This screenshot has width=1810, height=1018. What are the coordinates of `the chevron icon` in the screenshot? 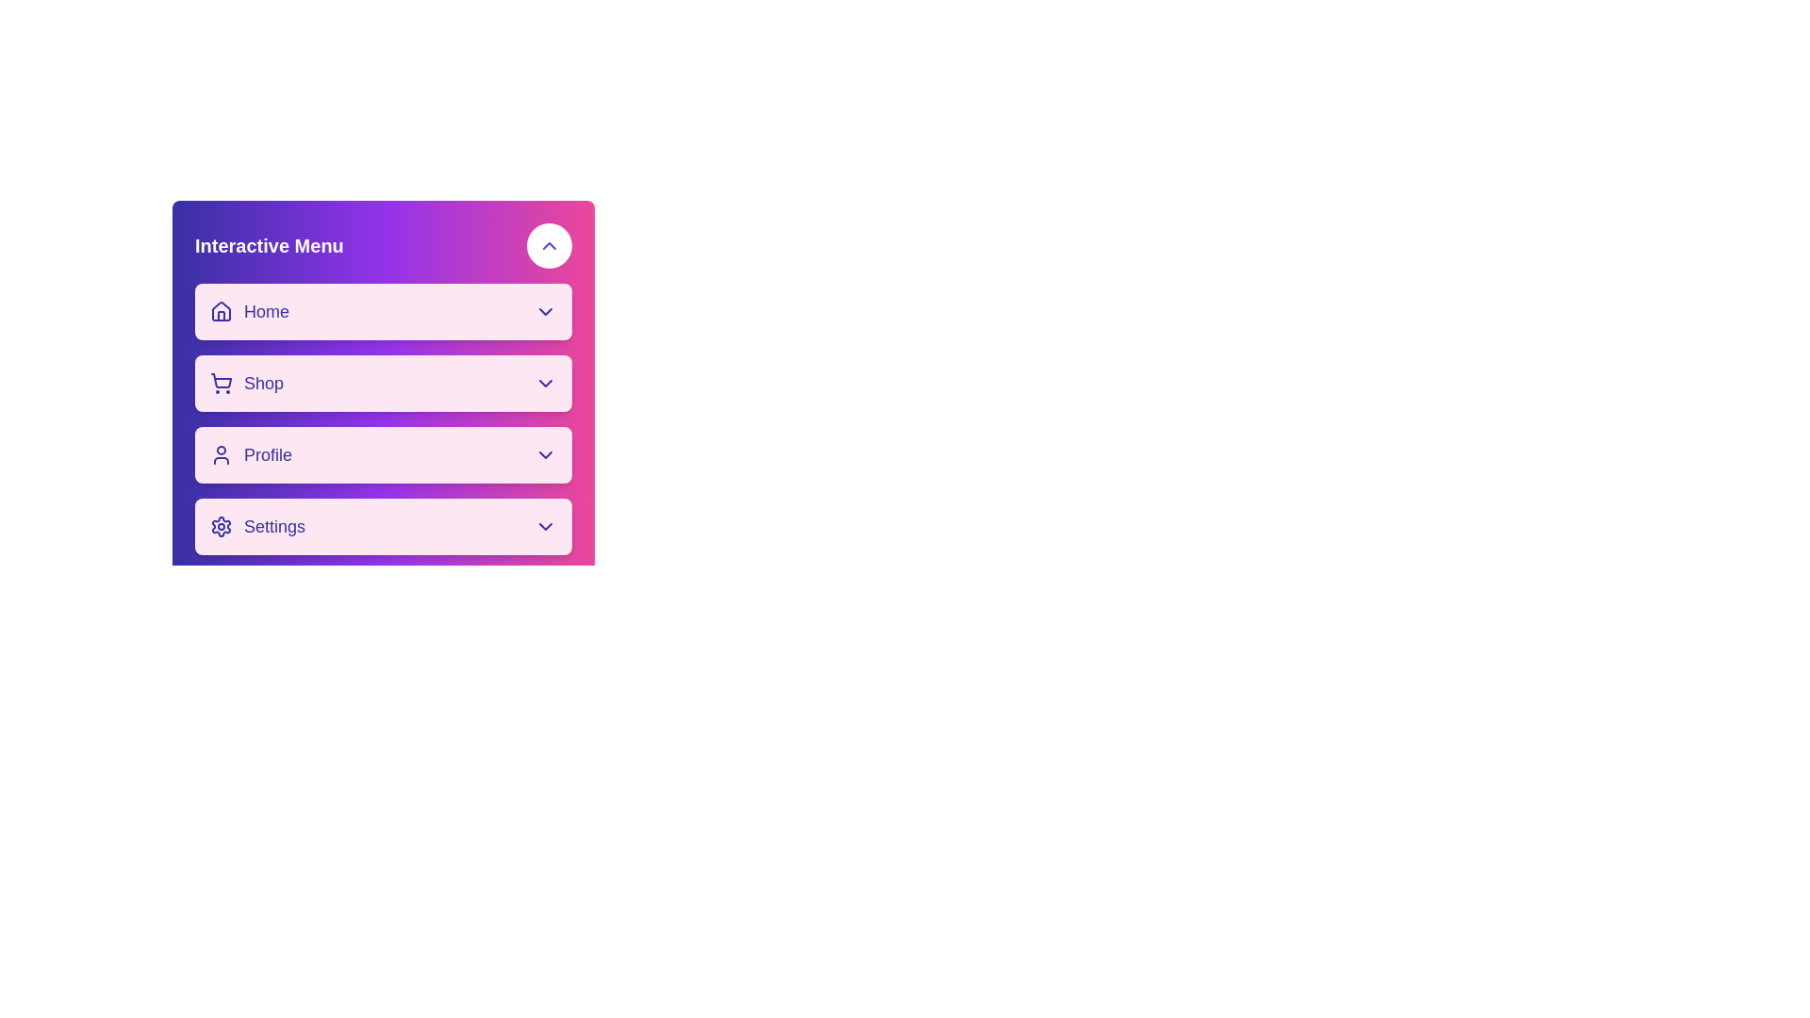 It's located at (545, 383).